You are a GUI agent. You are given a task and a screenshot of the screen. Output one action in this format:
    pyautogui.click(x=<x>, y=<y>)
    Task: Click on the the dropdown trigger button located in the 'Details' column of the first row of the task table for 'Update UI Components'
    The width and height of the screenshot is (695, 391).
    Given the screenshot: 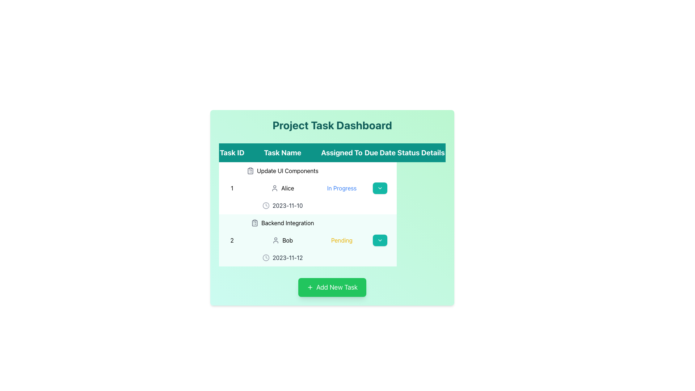 What is the action you would take?
    pyautogui.click(x=380, y=188)
    